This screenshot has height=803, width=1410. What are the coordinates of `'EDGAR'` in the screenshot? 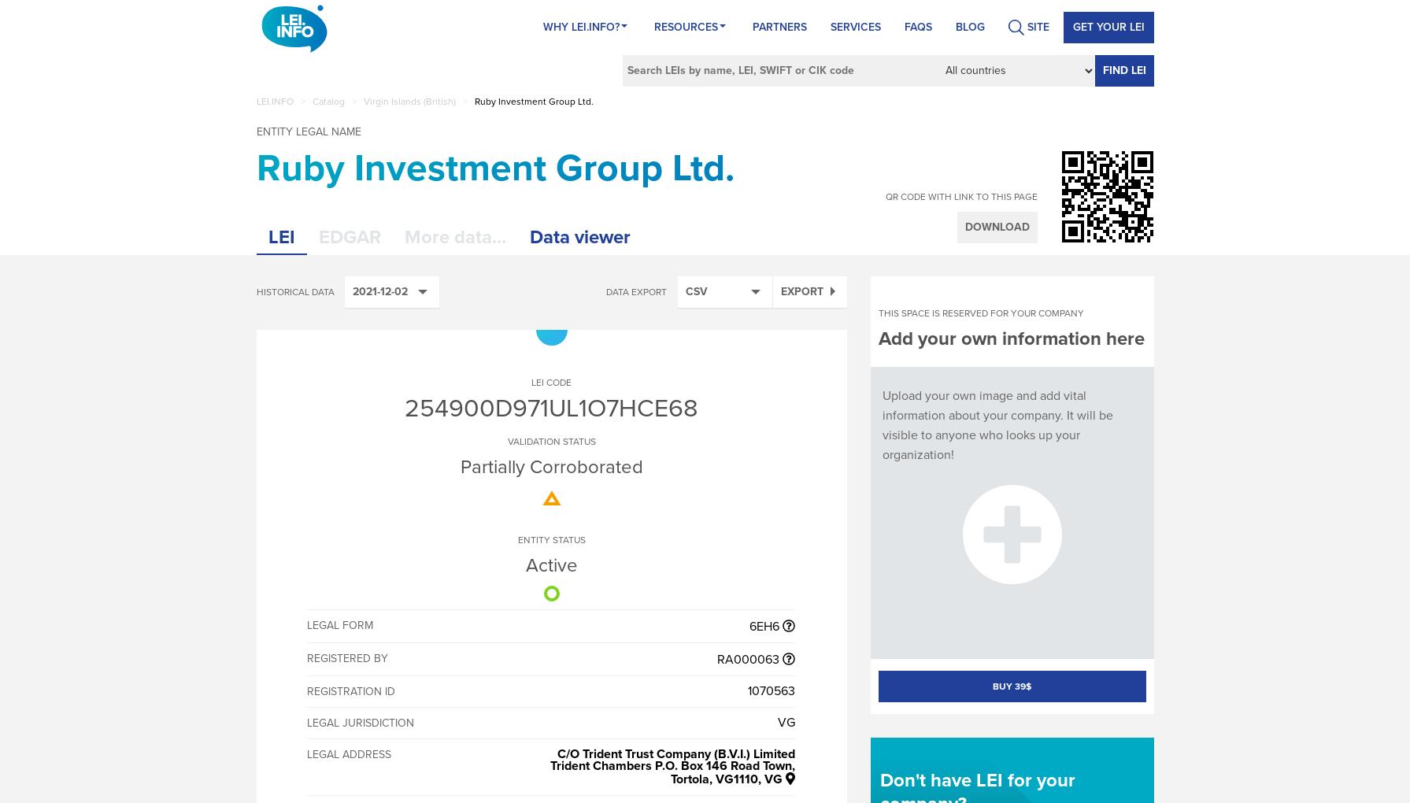 It's located at (349, 237).